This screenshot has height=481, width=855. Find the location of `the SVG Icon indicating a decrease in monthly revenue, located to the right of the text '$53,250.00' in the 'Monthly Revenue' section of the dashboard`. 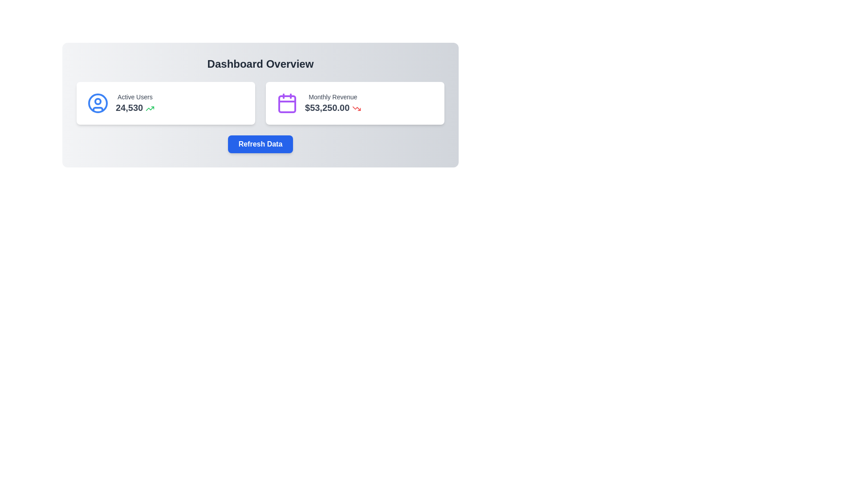

the SVG Icon indicating a decrease in monthly revenue, located to the right of the text '$53,250.00' in the 'Monthly Revenue' section of the dashboard is located at coordinates (356, 108).